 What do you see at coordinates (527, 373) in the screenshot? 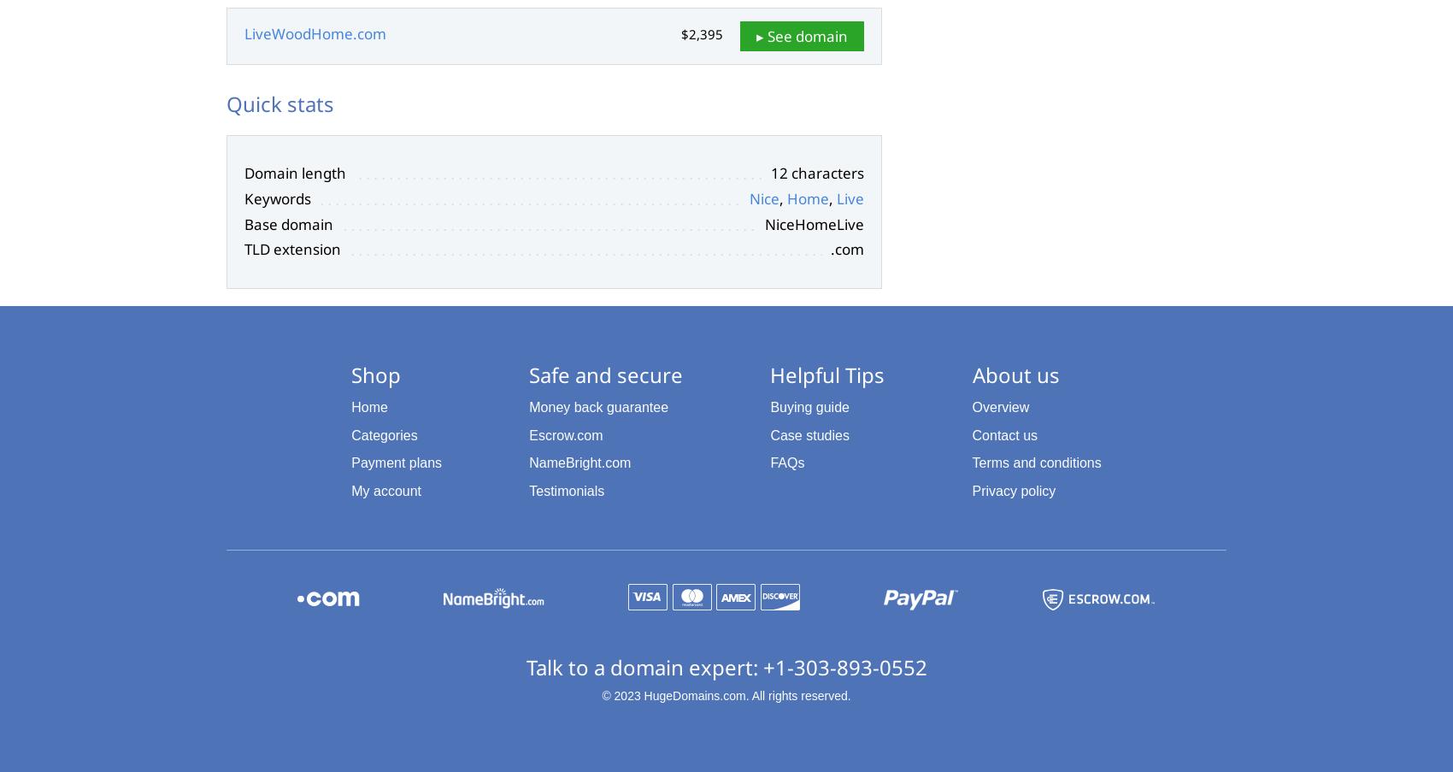
I see `'Safe and secure'` at bounding box center [527, 373].